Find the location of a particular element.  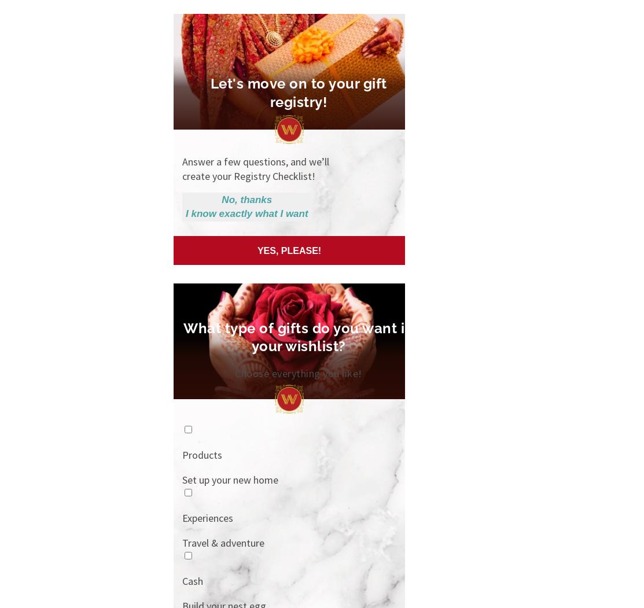

'No, thanks' is located at coordinates (246, 200).